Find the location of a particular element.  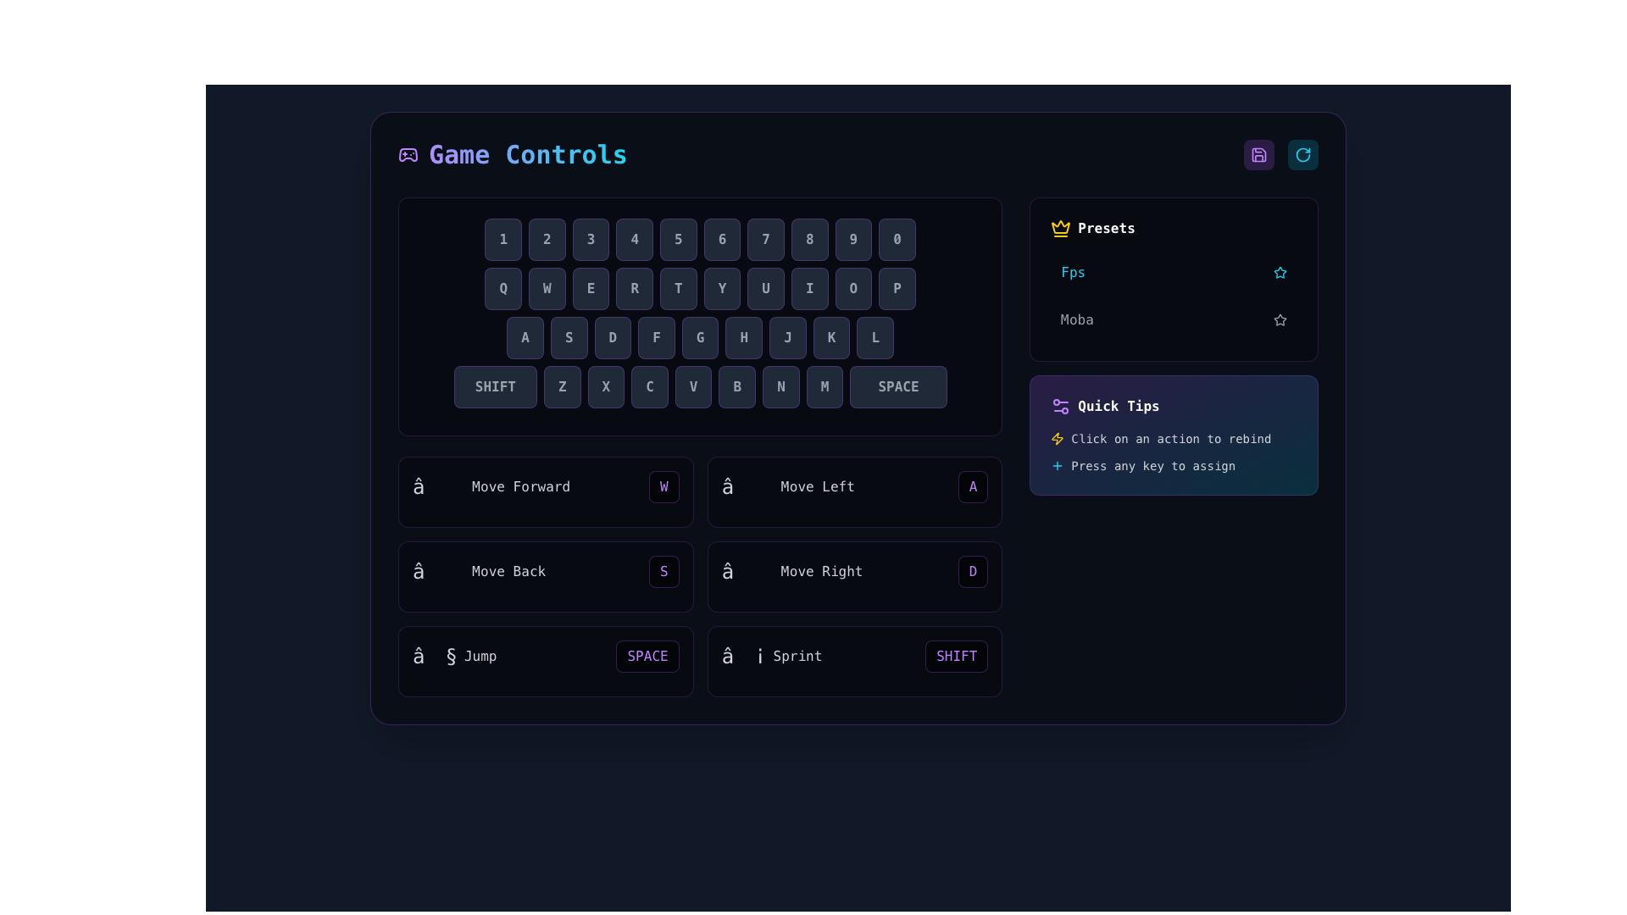

the 'Move Right' button, which is located in the bottom-right section of the game controls interface is located at coordinates (973, 572).